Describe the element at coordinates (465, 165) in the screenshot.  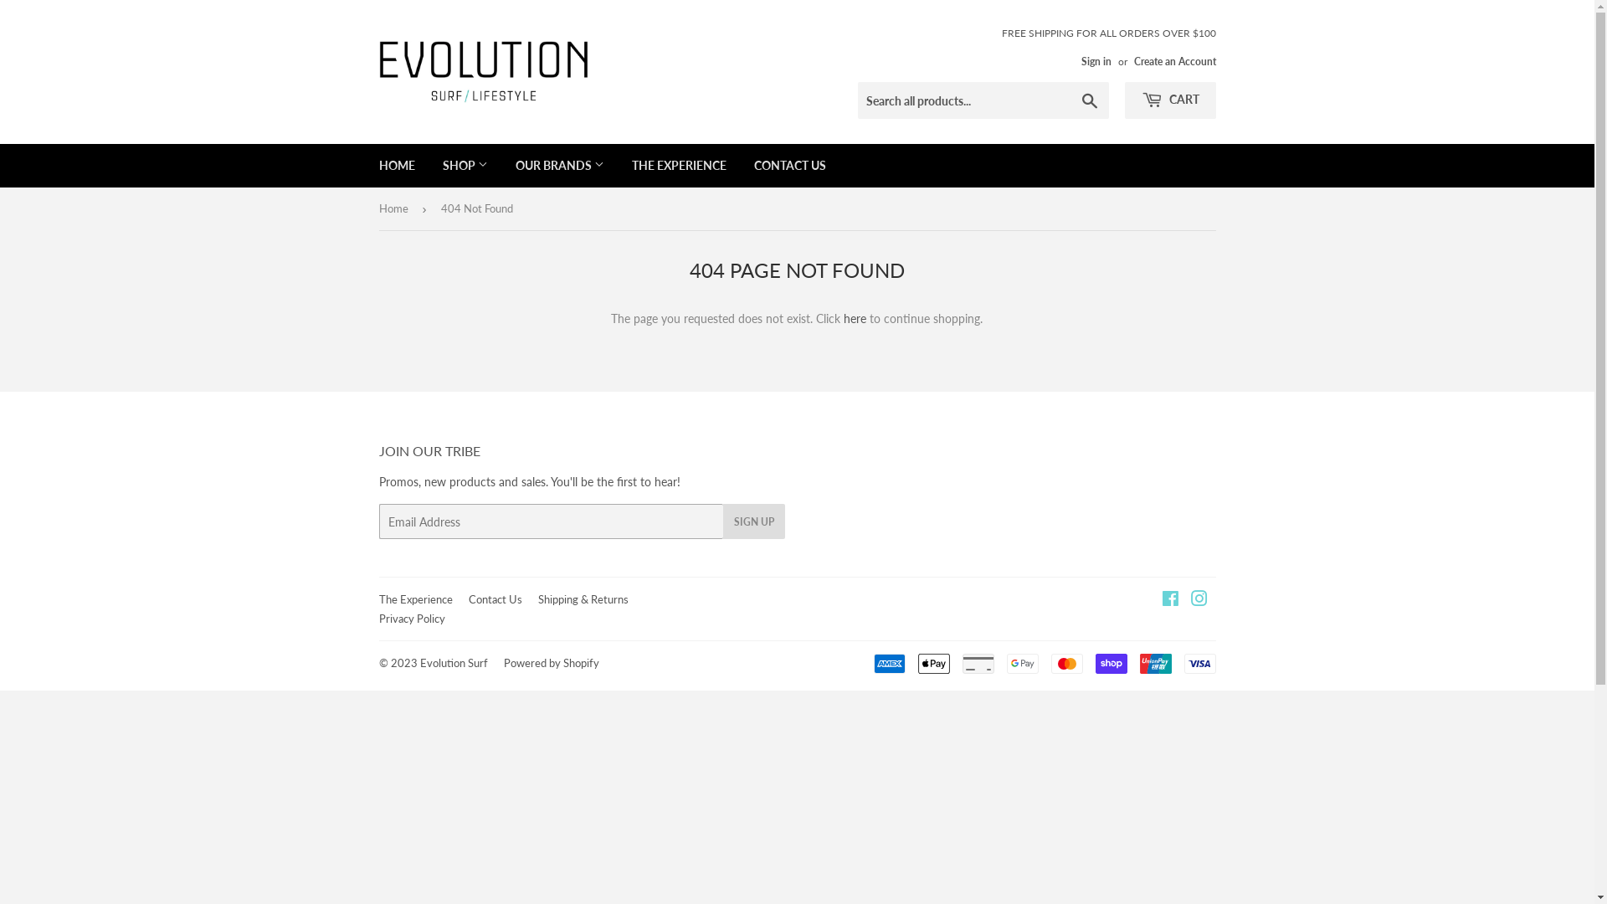
I see `'SHOP'` at that location.